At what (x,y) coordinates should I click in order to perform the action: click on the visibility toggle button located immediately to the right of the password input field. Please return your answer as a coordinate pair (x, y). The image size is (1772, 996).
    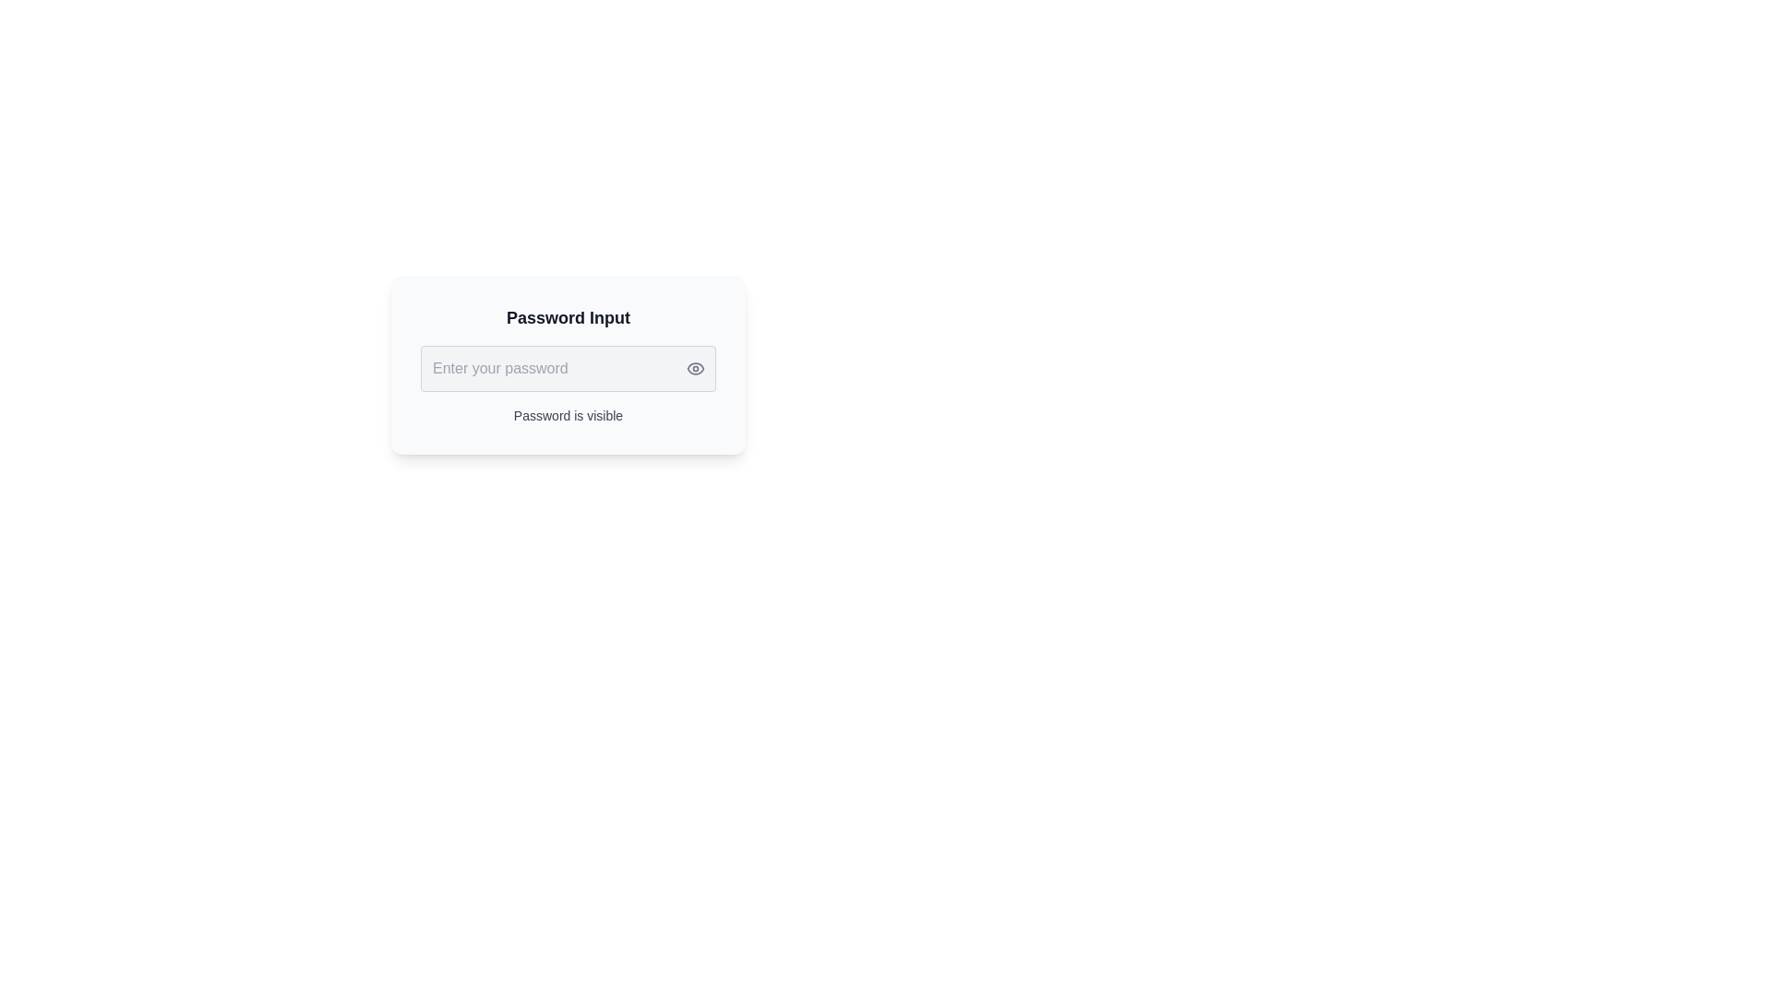
    Looking at the image, I should click on (694, 369).